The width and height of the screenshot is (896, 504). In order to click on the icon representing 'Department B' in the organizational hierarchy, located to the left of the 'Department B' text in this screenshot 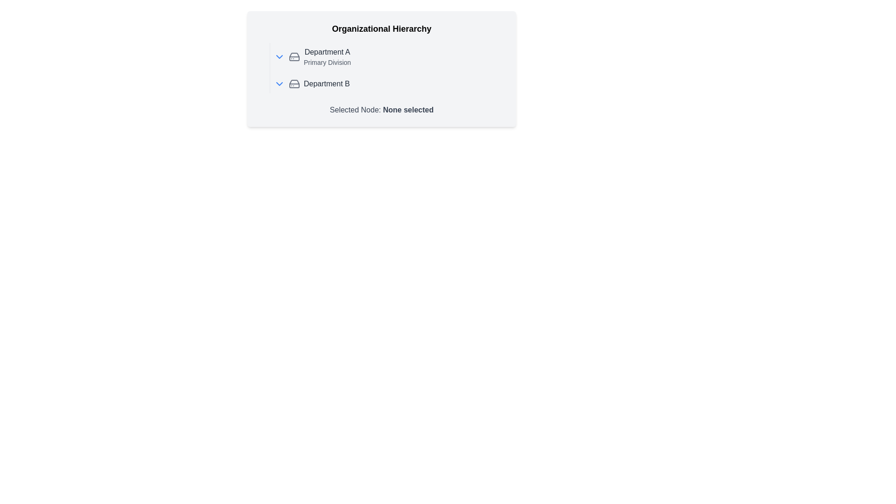, I will do `click(294, 84)`.